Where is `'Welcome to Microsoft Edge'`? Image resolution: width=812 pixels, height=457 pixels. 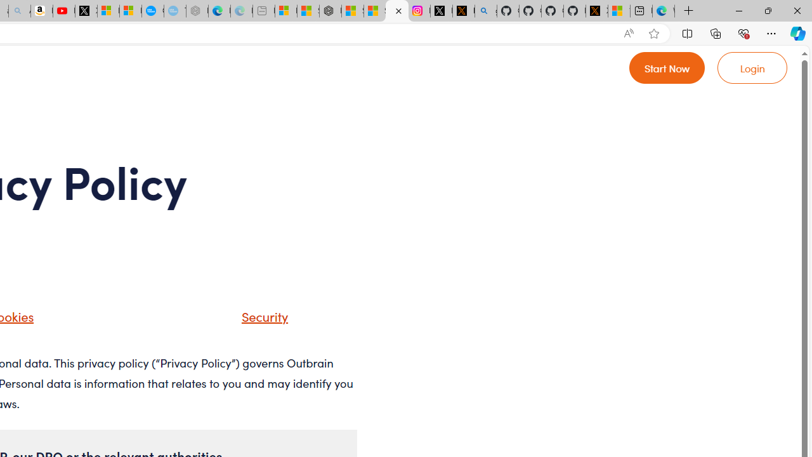
'Welcome to Microsoft Edge' is located at coordinates (663, 11).